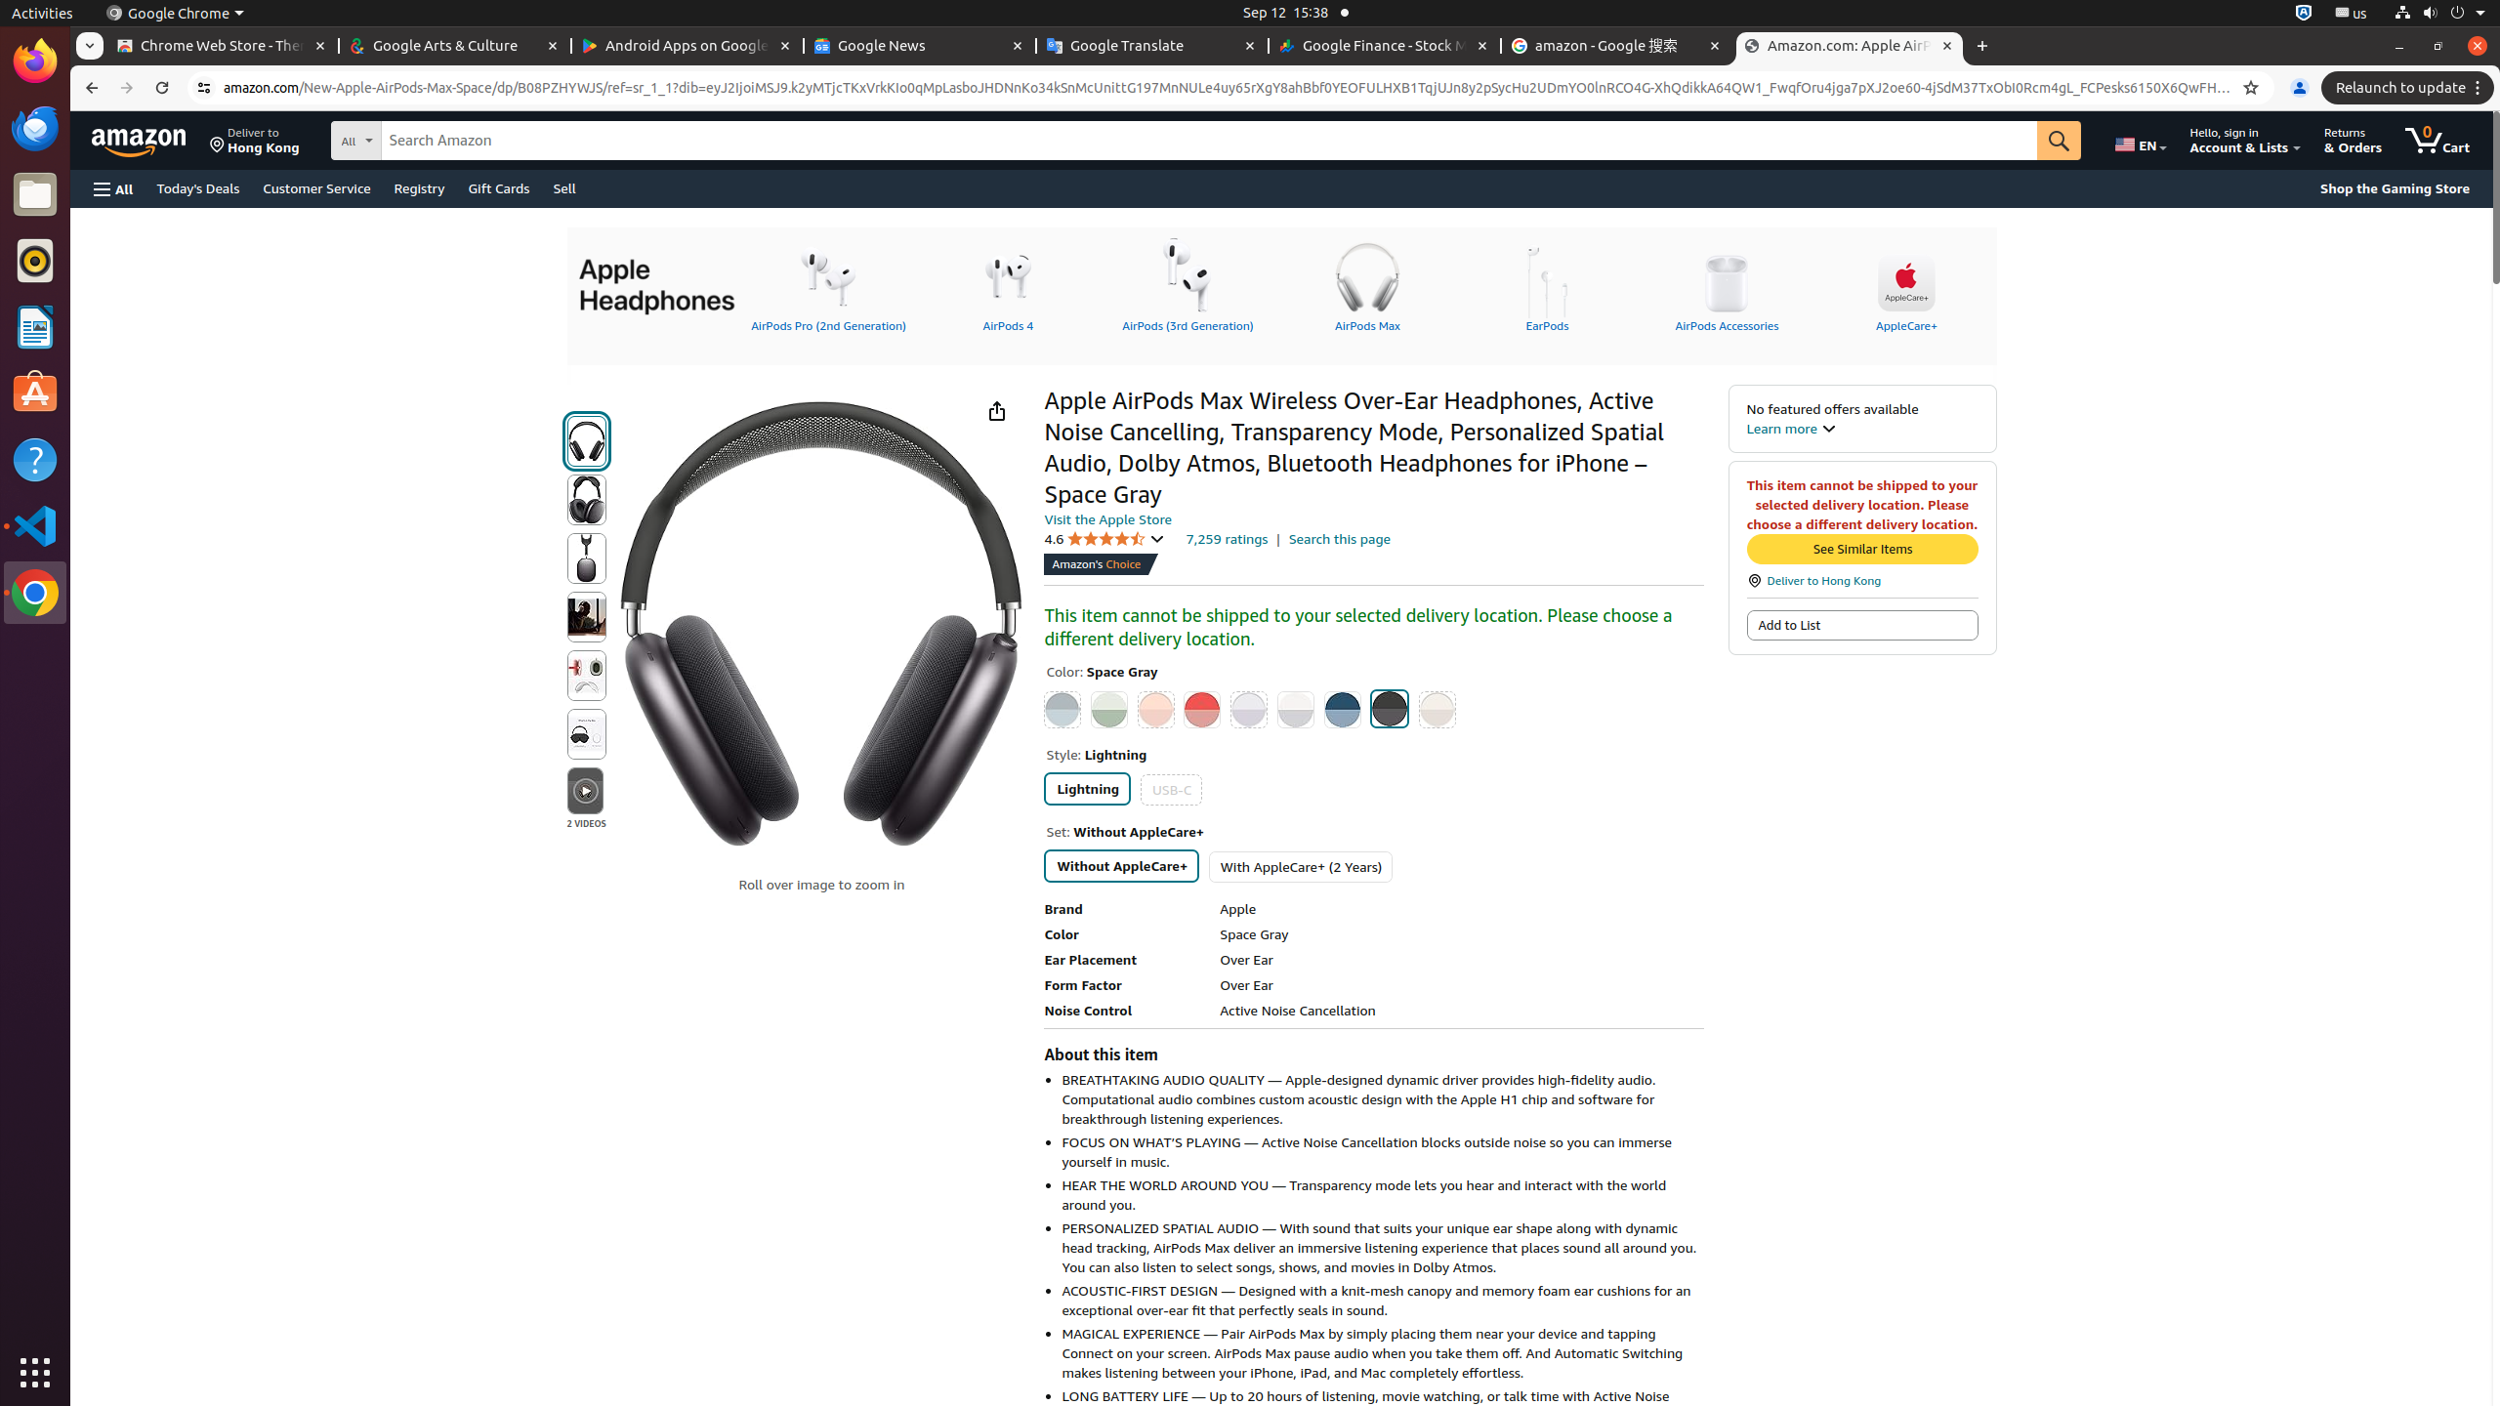 The image size is (2500, 1406). I want to click on 'Space Gray', so click(1389, 707).